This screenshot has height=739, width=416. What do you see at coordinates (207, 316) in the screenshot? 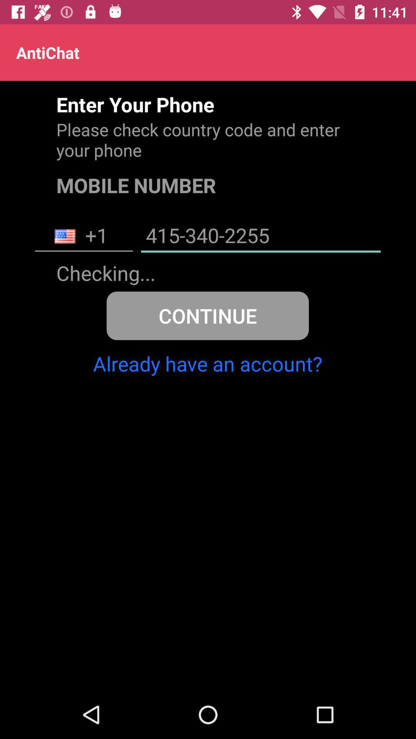
I see `icon above already have an icon` at bounding box center [207, 316].